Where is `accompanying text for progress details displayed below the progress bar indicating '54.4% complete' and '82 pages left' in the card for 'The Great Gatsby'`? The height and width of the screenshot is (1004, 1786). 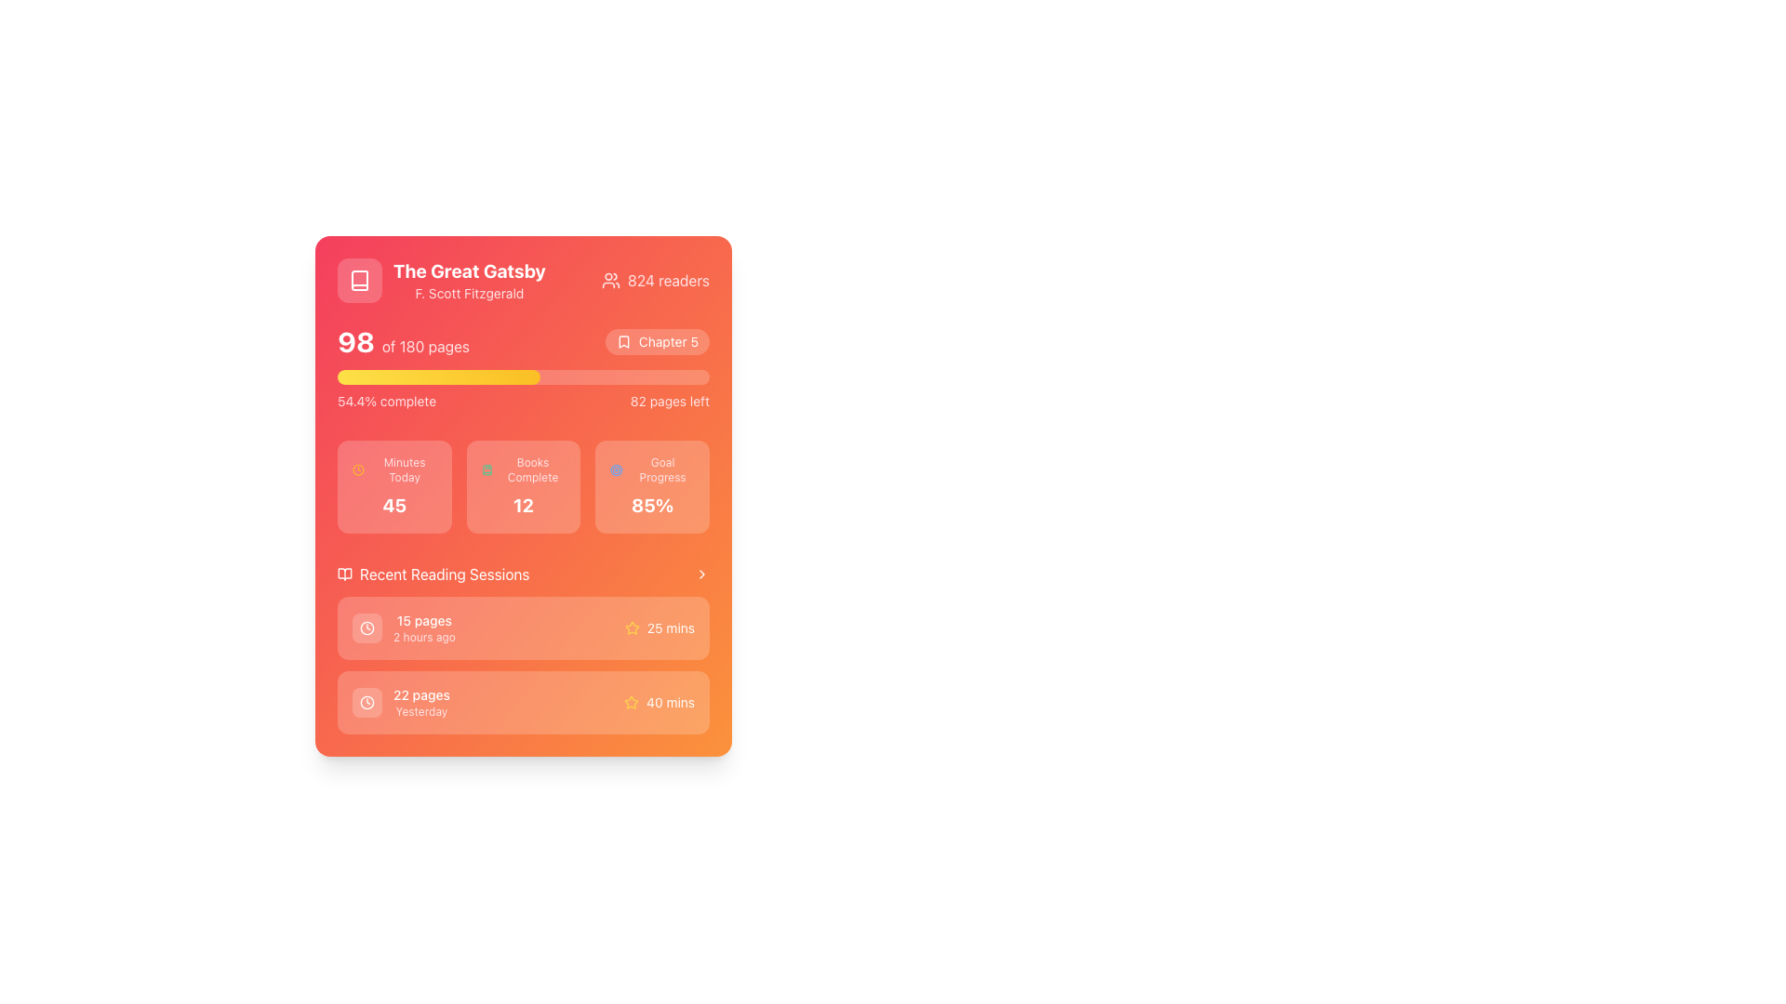
accompanying text for progress details displayed below the progress bar indicating '54.4% complete' and '82 pages left' in the card for 'The Great Gatsby' is located at coordinates (522, 368).